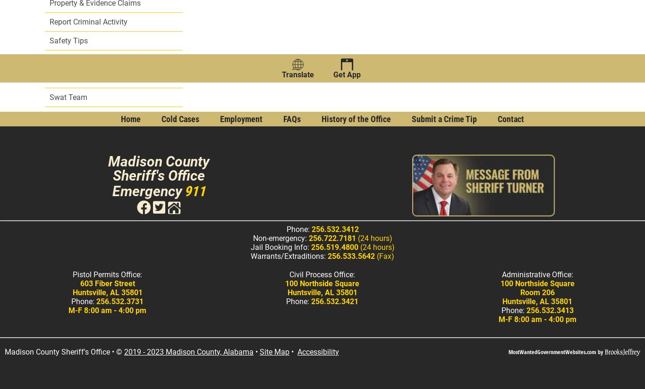  What do you see at coordinates (549, 310) in the screenshot?
I see `'256.532.3413'` at bounding box center [549, 310].